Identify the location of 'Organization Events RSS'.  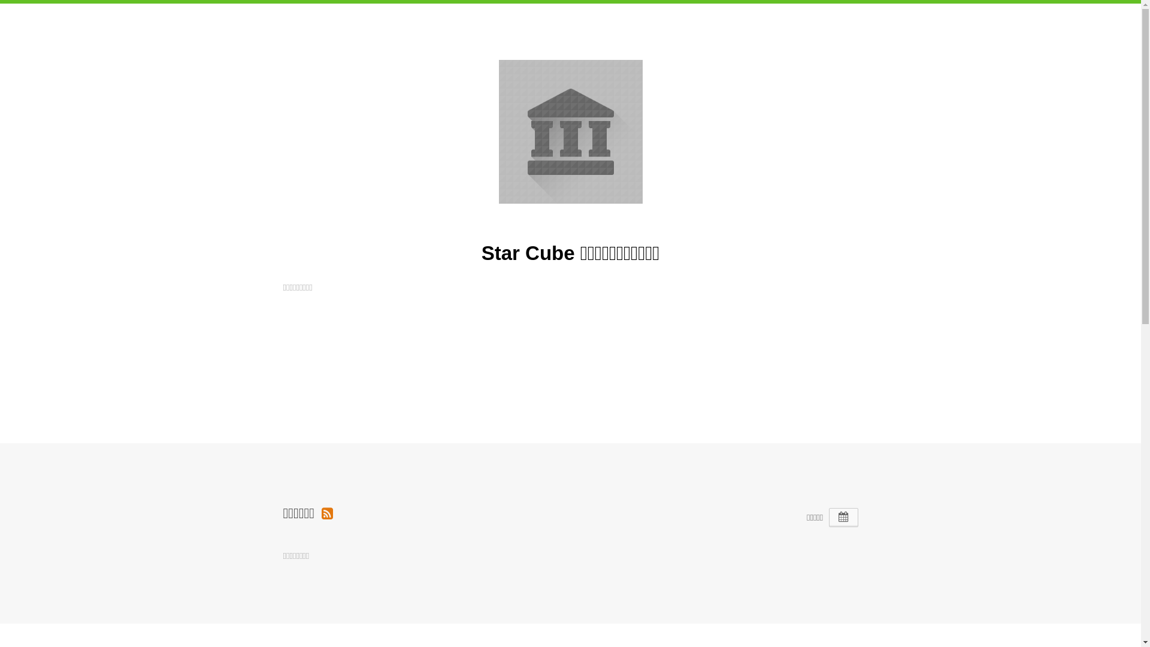
(322, 512).